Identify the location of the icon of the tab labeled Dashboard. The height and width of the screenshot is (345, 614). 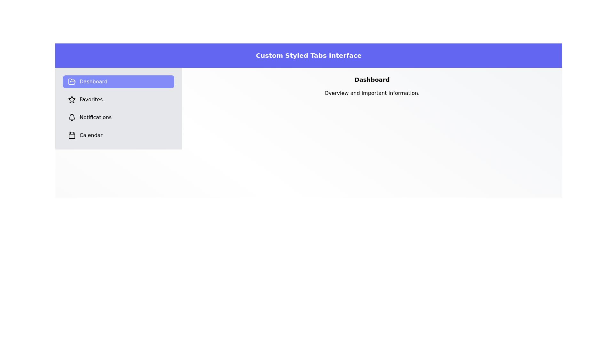
(72, 81).